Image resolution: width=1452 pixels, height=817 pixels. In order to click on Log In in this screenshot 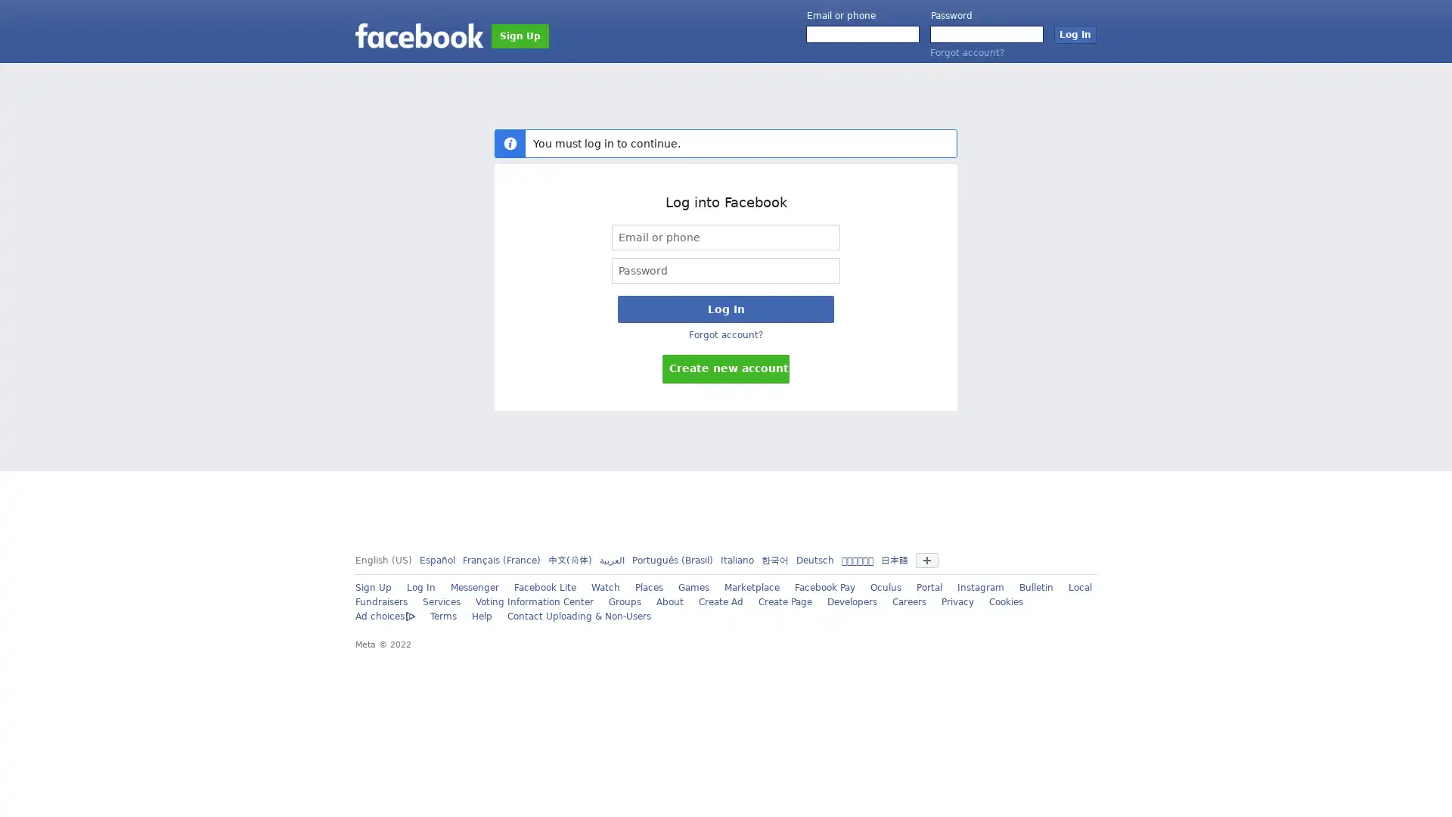, I will do `click(726, 308)`.